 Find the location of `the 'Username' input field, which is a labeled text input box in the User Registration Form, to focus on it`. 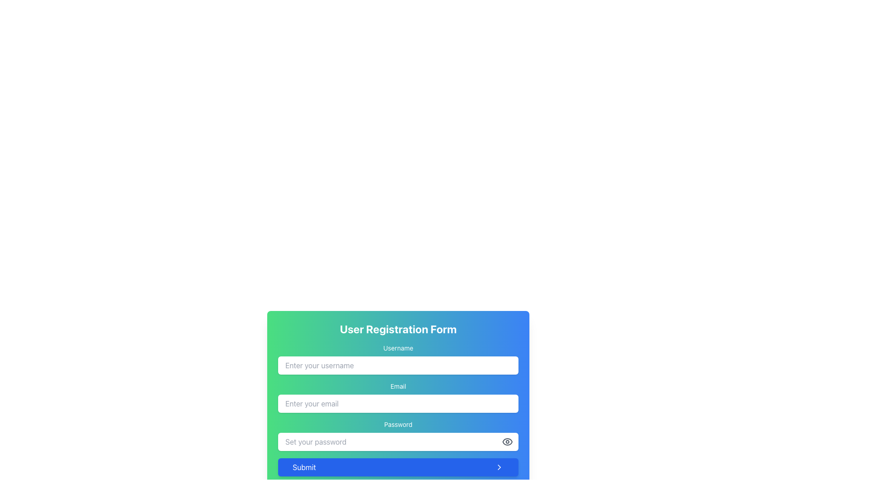

the 'Username' input field, which is a labeled text input box in the User Registration Form, to focus on it is located at coordinates (398, 359).